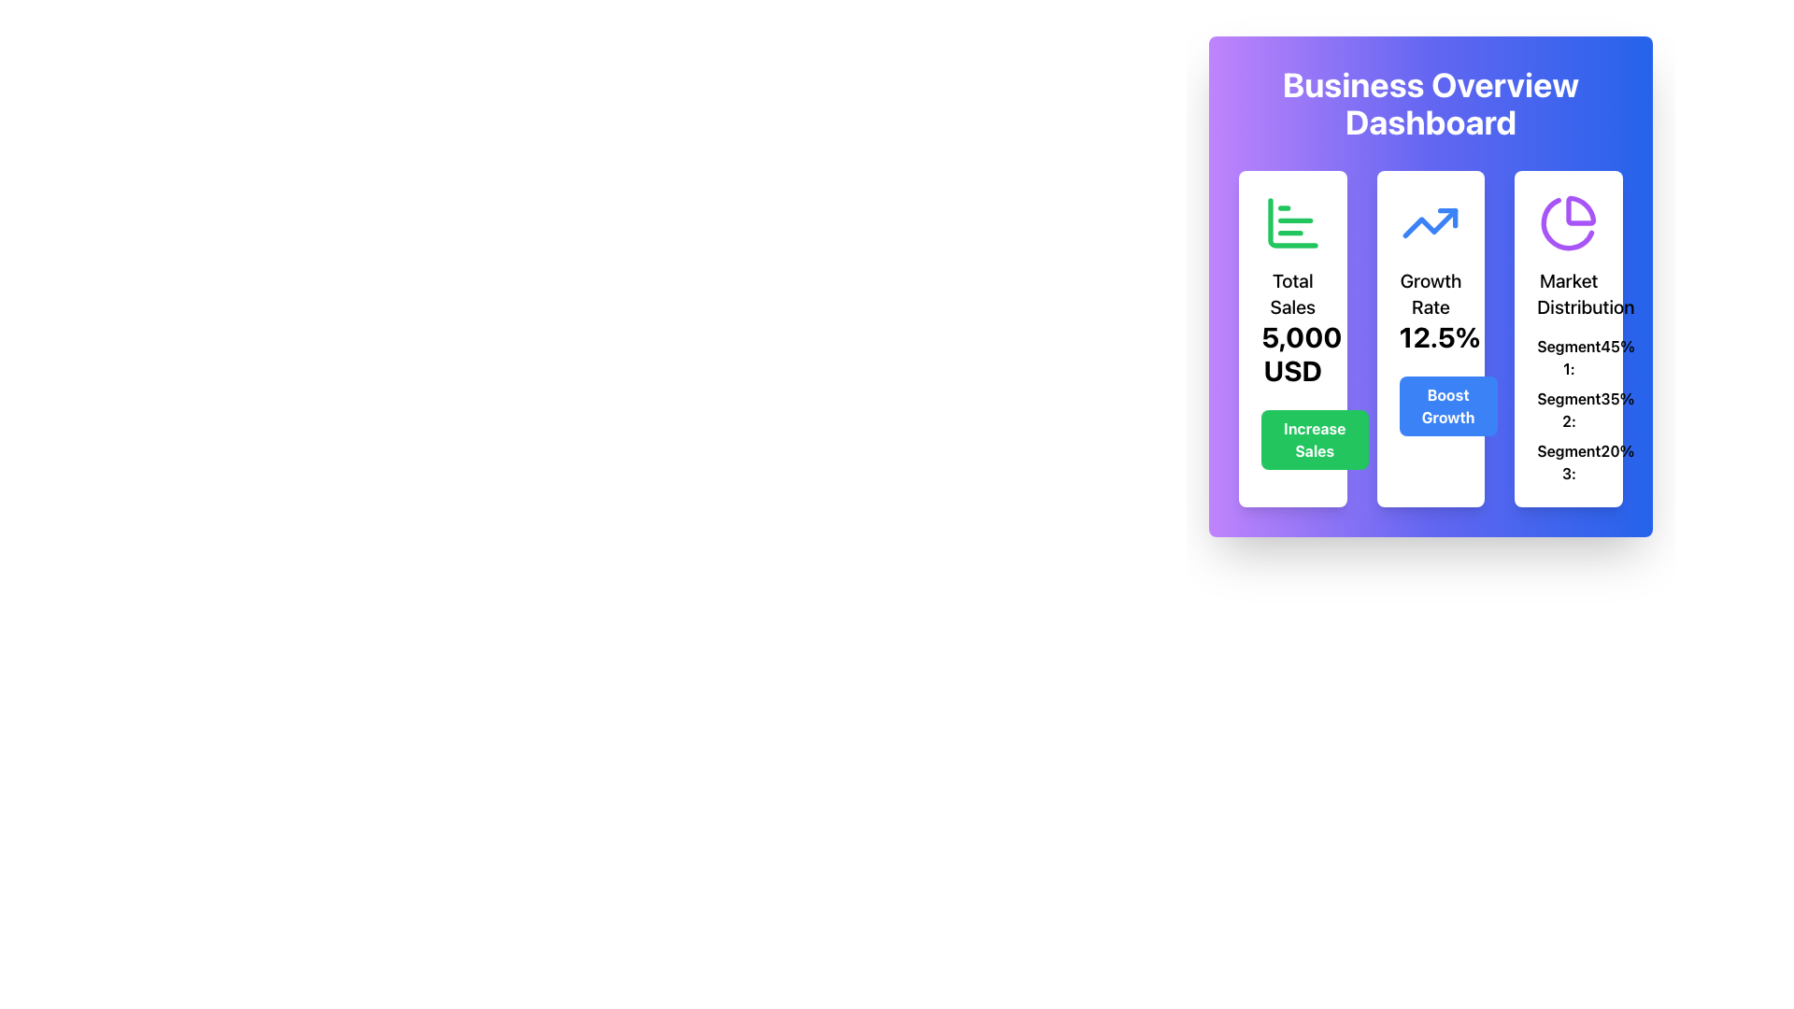 The width and height of the screenshot is (1794, 1009). Describe the element at coordinates (1616, 357) in the screenshot. I see `displayed value of the bold text label showing '45%' which is aligned to the right of 'Segment 1:' in the 'Market Distribution' section` at that location.